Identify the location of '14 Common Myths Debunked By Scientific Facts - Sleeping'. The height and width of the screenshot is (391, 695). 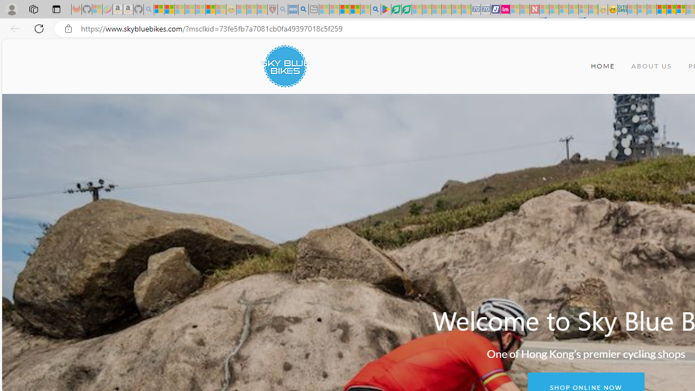
(554, 9).